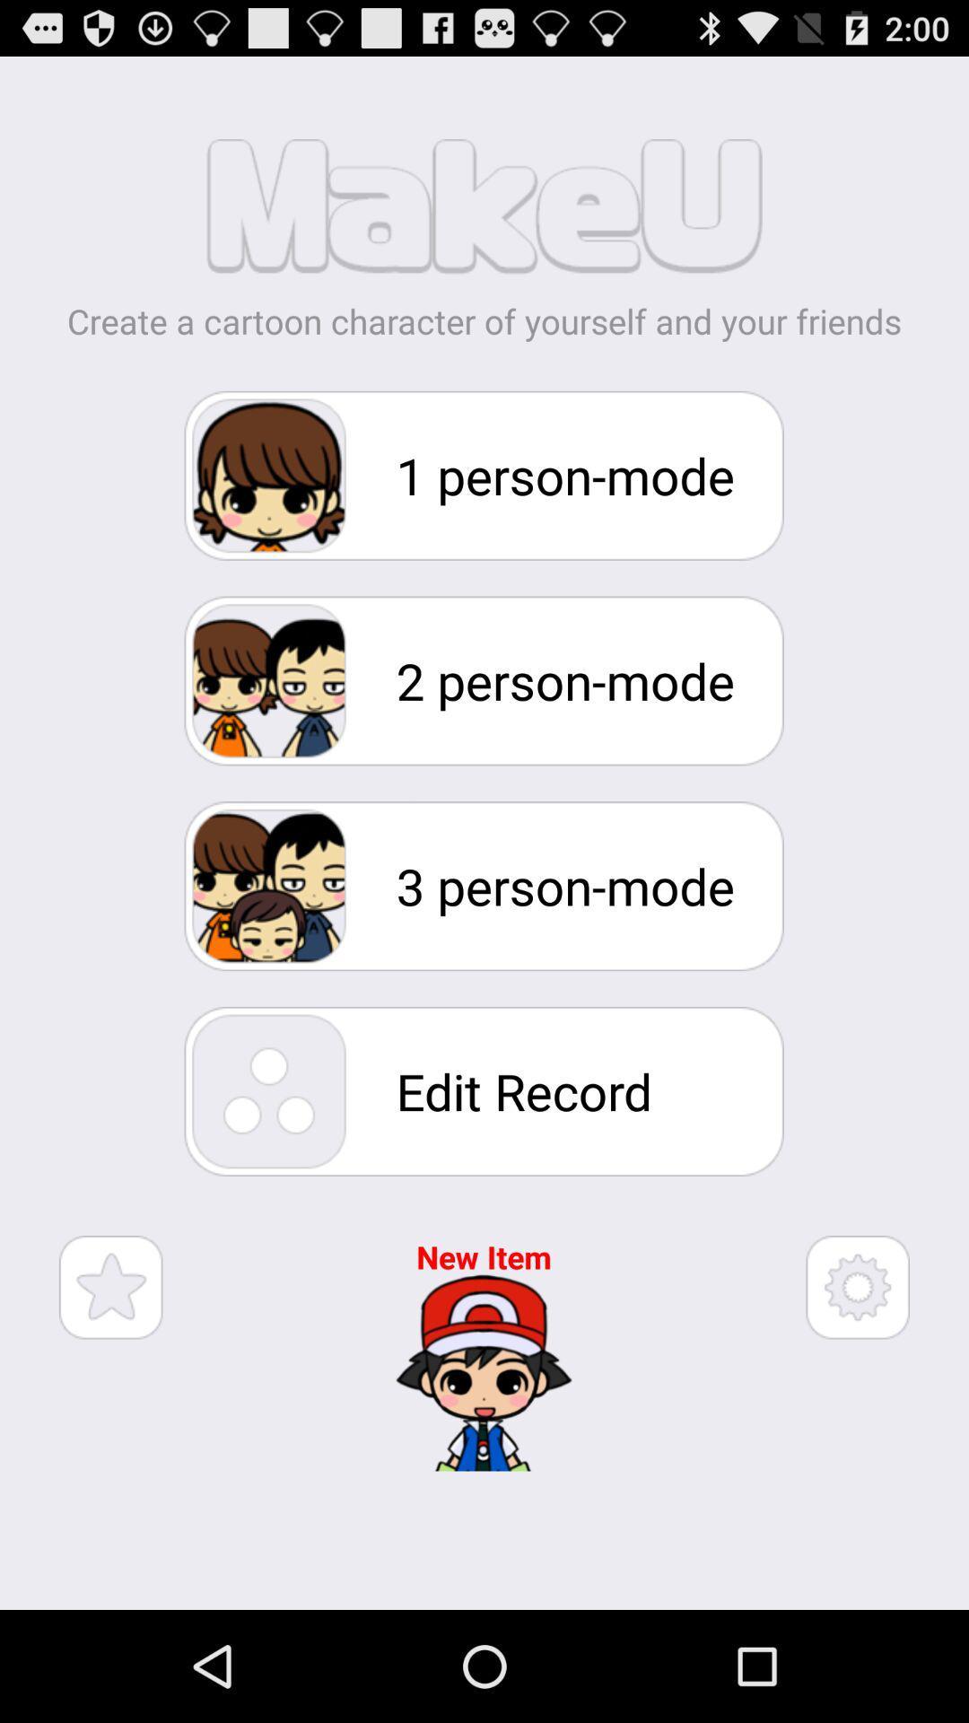  Describe the element at coordinates (110, 1286) in the screenshot. I see `star rating option` at that location.